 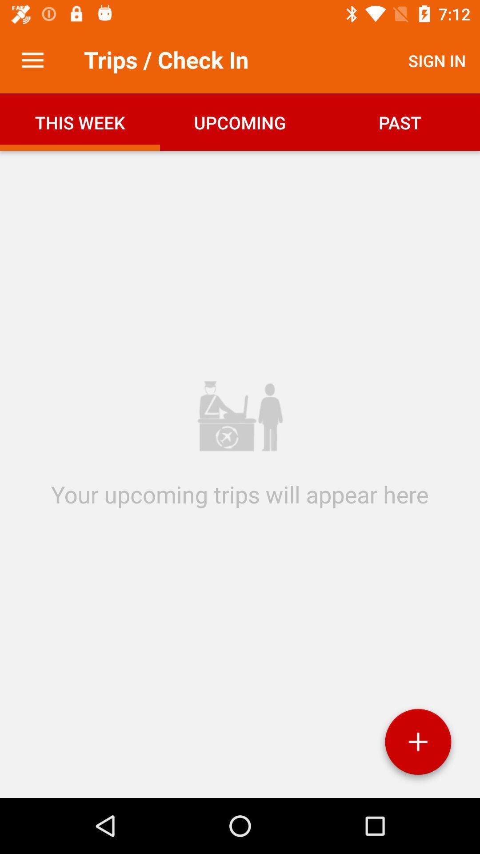 What do you see at coordinates (418, 745) in the screenshot?
I see `make an addition` at bounding box center [418, 745].